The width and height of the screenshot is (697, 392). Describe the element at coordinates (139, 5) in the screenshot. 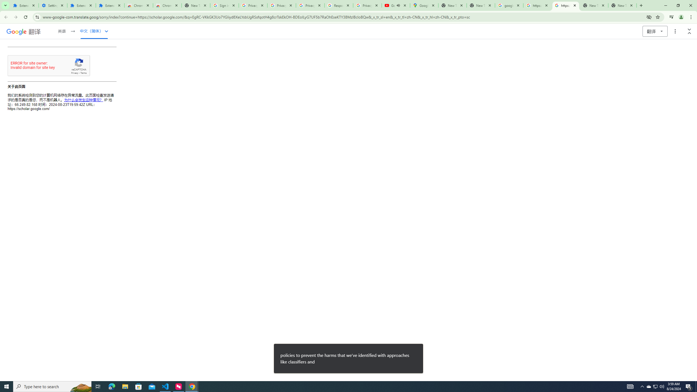

I see `'Chrome Web Store'` at that location.